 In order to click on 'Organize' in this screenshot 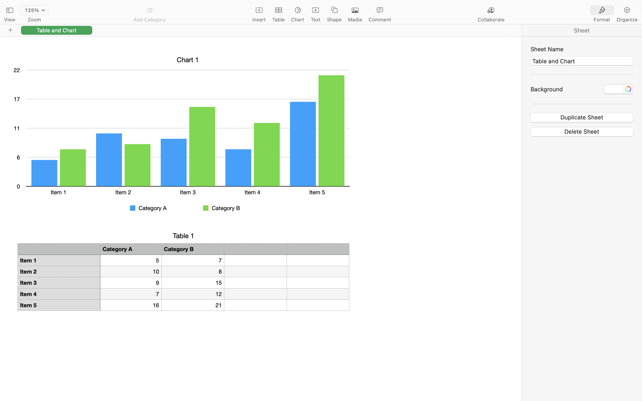, I will do `click(627, 20)`.